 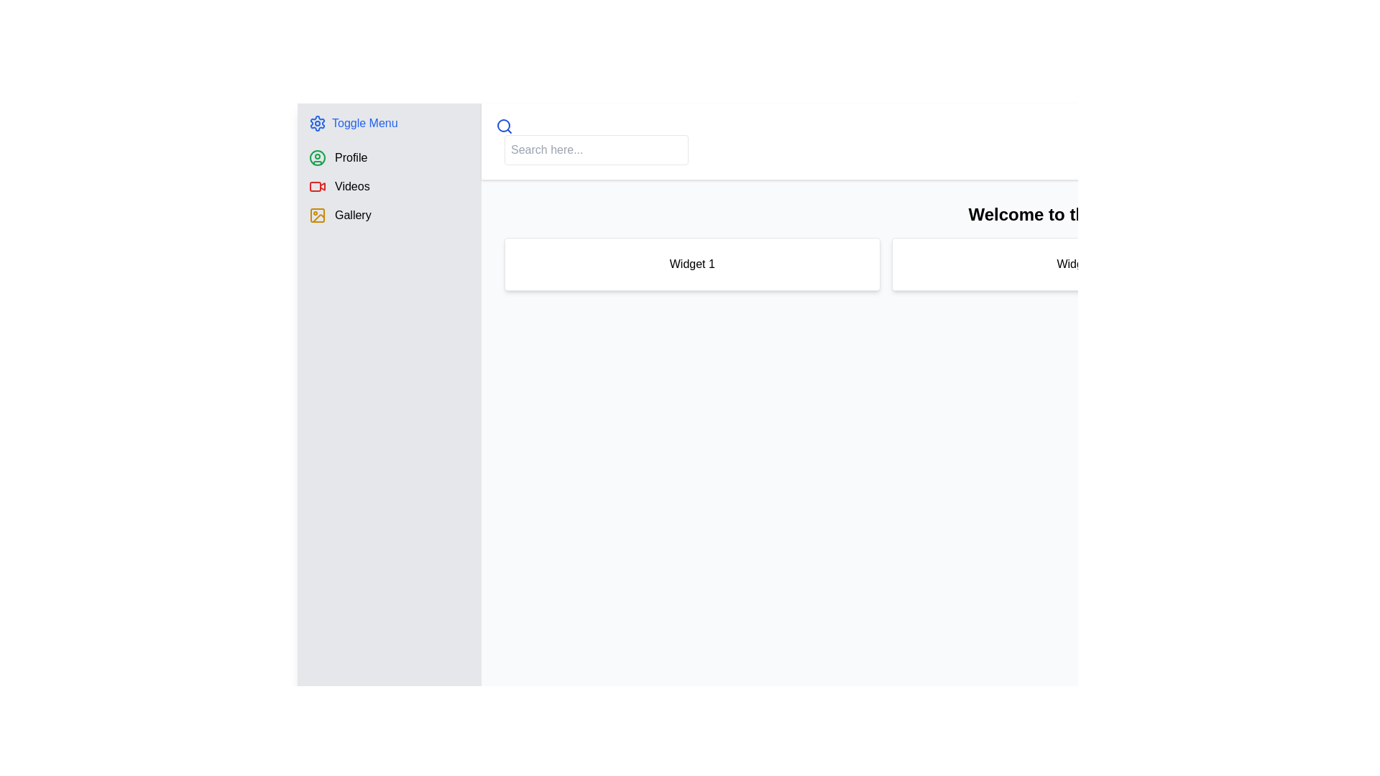 What do you see at coordinates (316, 216) in the screenshot?
I see `the small rectangle with rounded corners that serves as the background of the image icon in the sidebar menu, located next to the 'Gallery' label` at bounding box center [316, 216].